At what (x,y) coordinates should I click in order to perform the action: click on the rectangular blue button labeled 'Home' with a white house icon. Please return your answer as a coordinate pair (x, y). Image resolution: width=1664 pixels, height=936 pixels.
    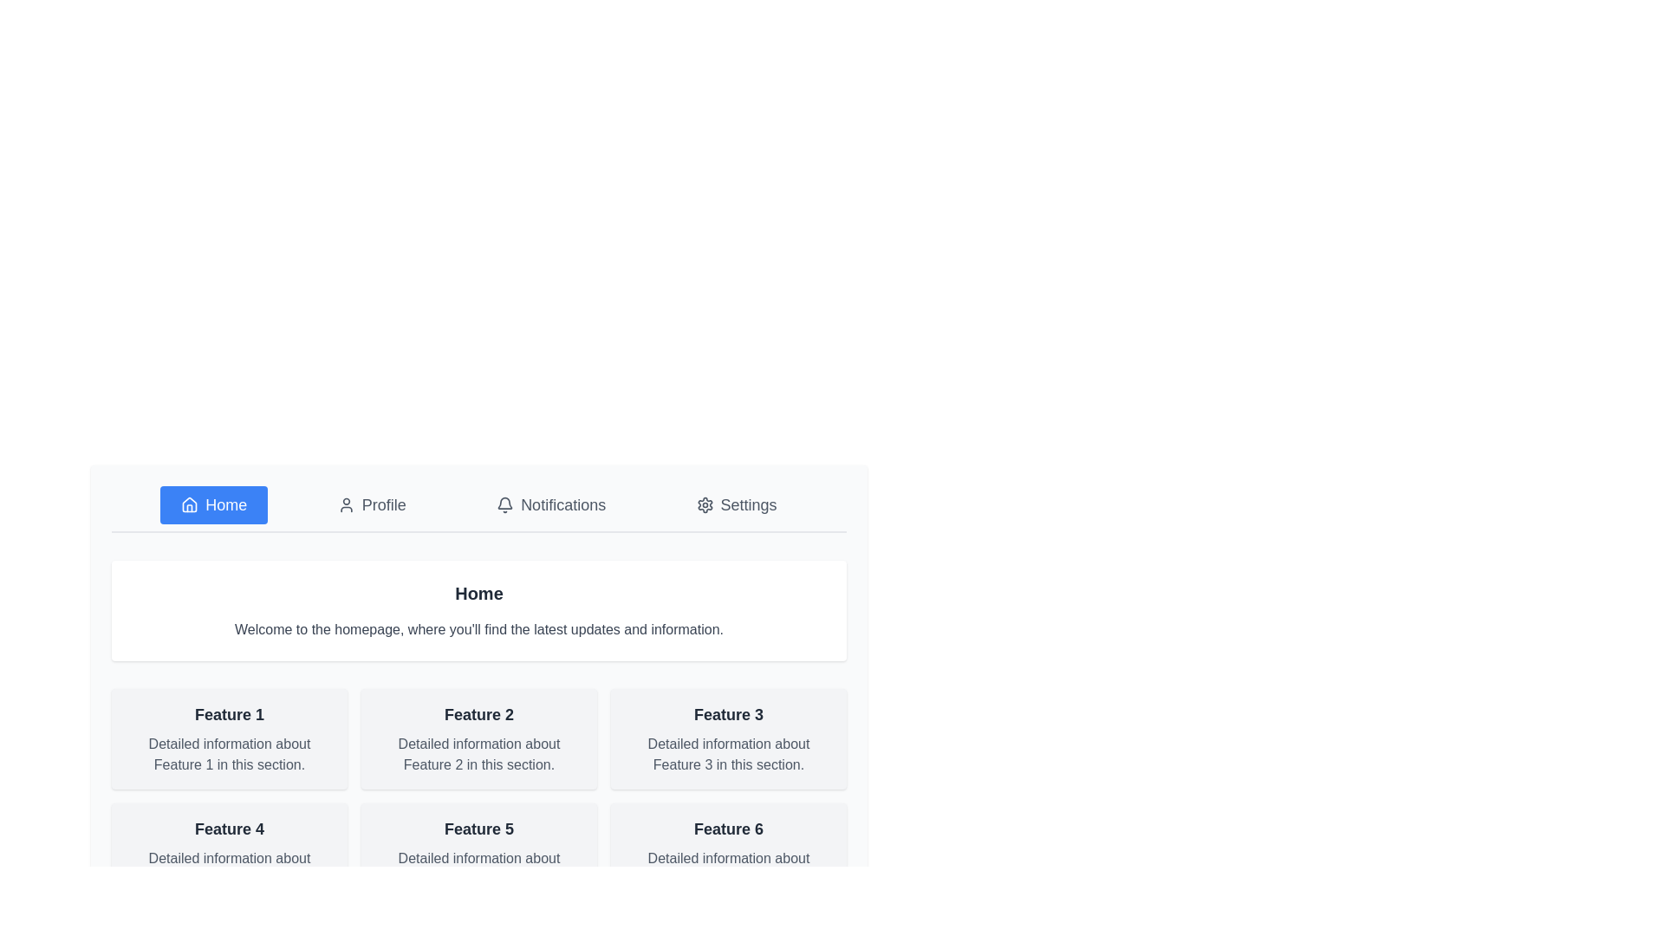
    Looking at the image, I should click on (213, 504).